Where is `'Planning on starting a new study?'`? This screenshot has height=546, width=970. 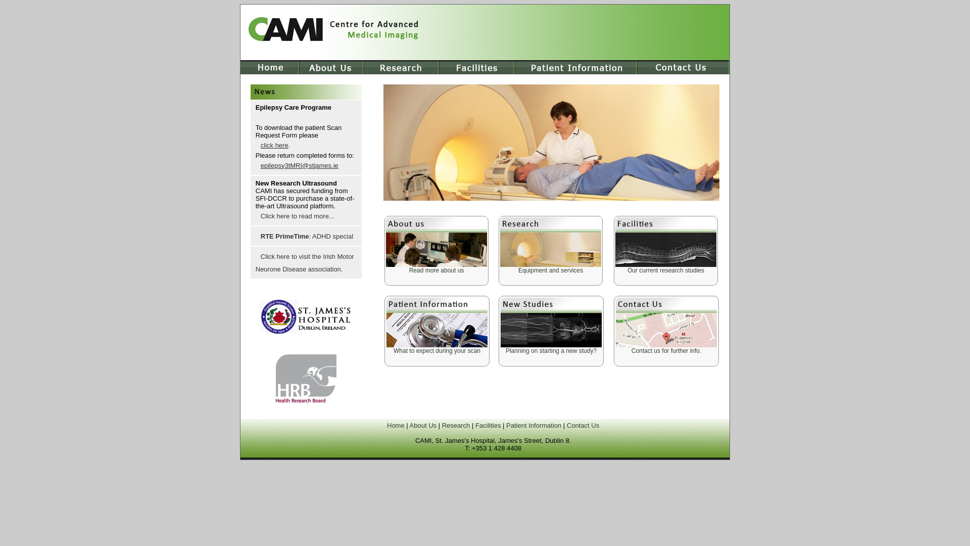
'Planning on starting a new study?' is located at coordinates (550, 350).